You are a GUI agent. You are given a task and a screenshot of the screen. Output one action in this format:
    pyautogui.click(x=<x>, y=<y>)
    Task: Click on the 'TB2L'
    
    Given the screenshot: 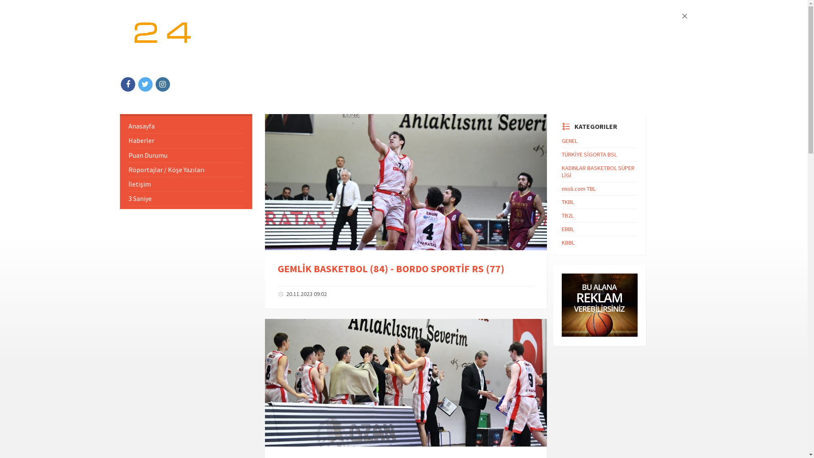 What is the action you would take?
    pyautogui.click(x=568, y=215)
    